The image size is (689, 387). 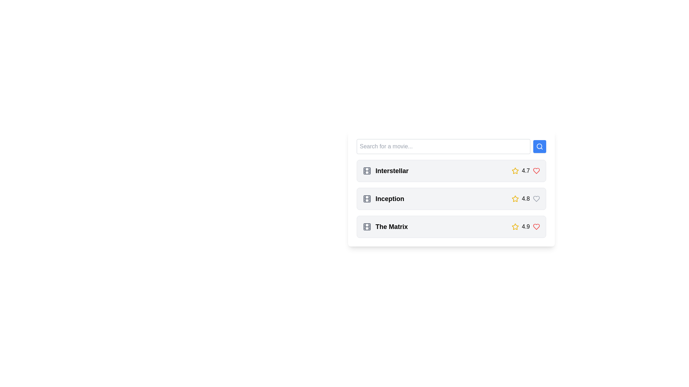 I want to click on the heart icon button located on the right side of the row labeled '4.9' to mark the associated item as a favorite, so click(x=536, y=226).